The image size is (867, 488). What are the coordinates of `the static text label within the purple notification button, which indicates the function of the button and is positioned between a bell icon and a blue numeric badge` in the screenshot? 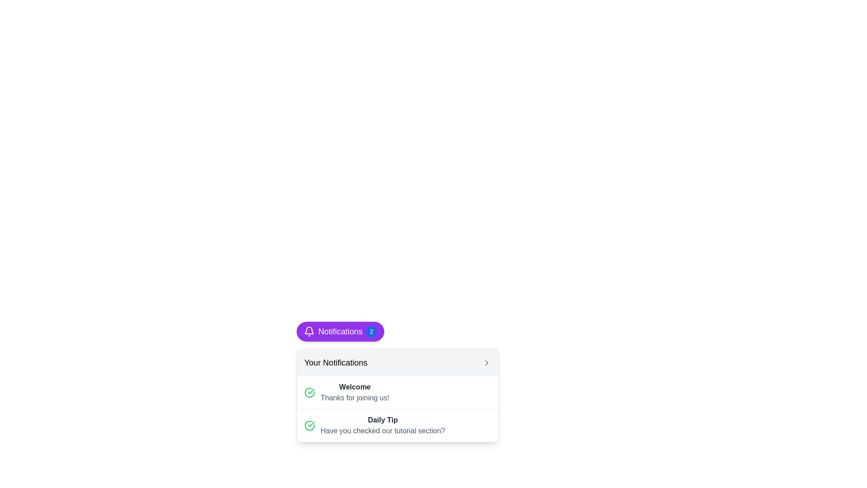 It's located at (340, 331).